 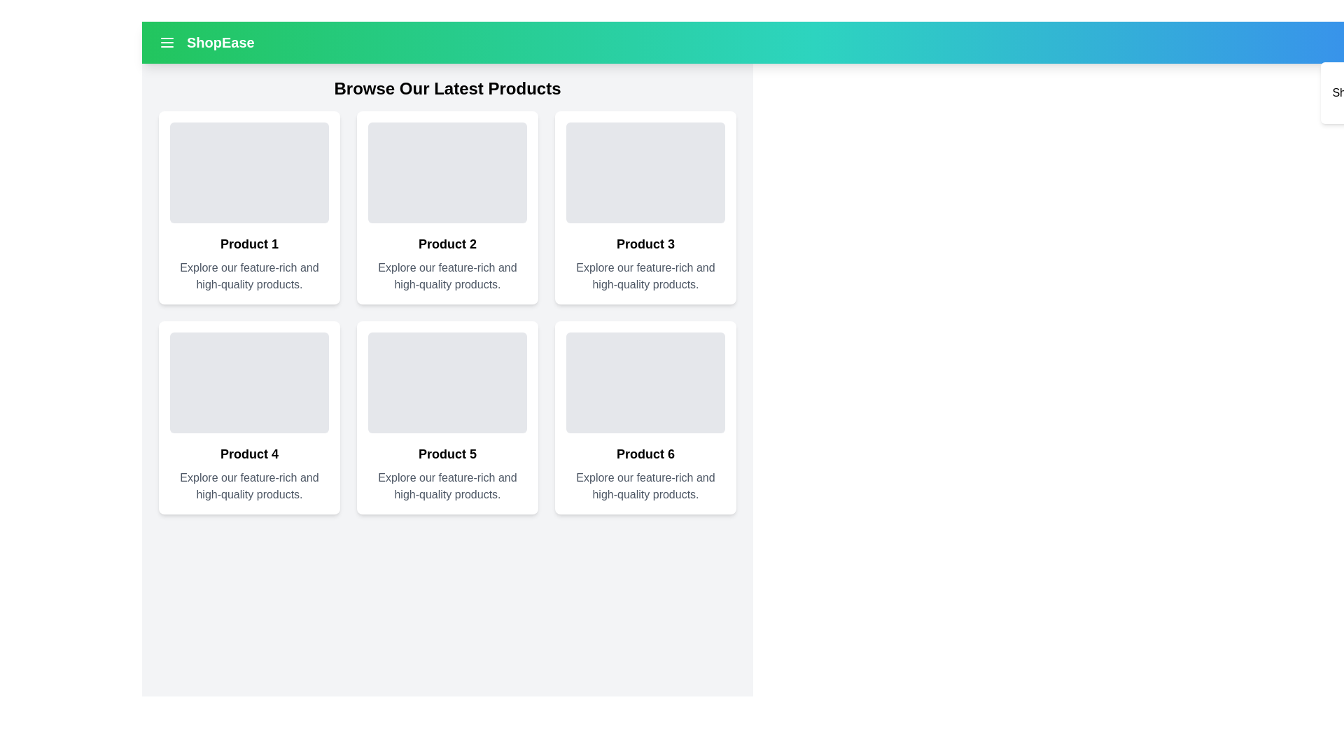 What do you see at coordinates (447, 454) in the screenshot?
I see `the text label reading 'Product 5', which is centrally aligned in the fifth card of a grid layout, positioned above the descriptive paragraph and below the image placeholder` at bounding box center [447, 454].